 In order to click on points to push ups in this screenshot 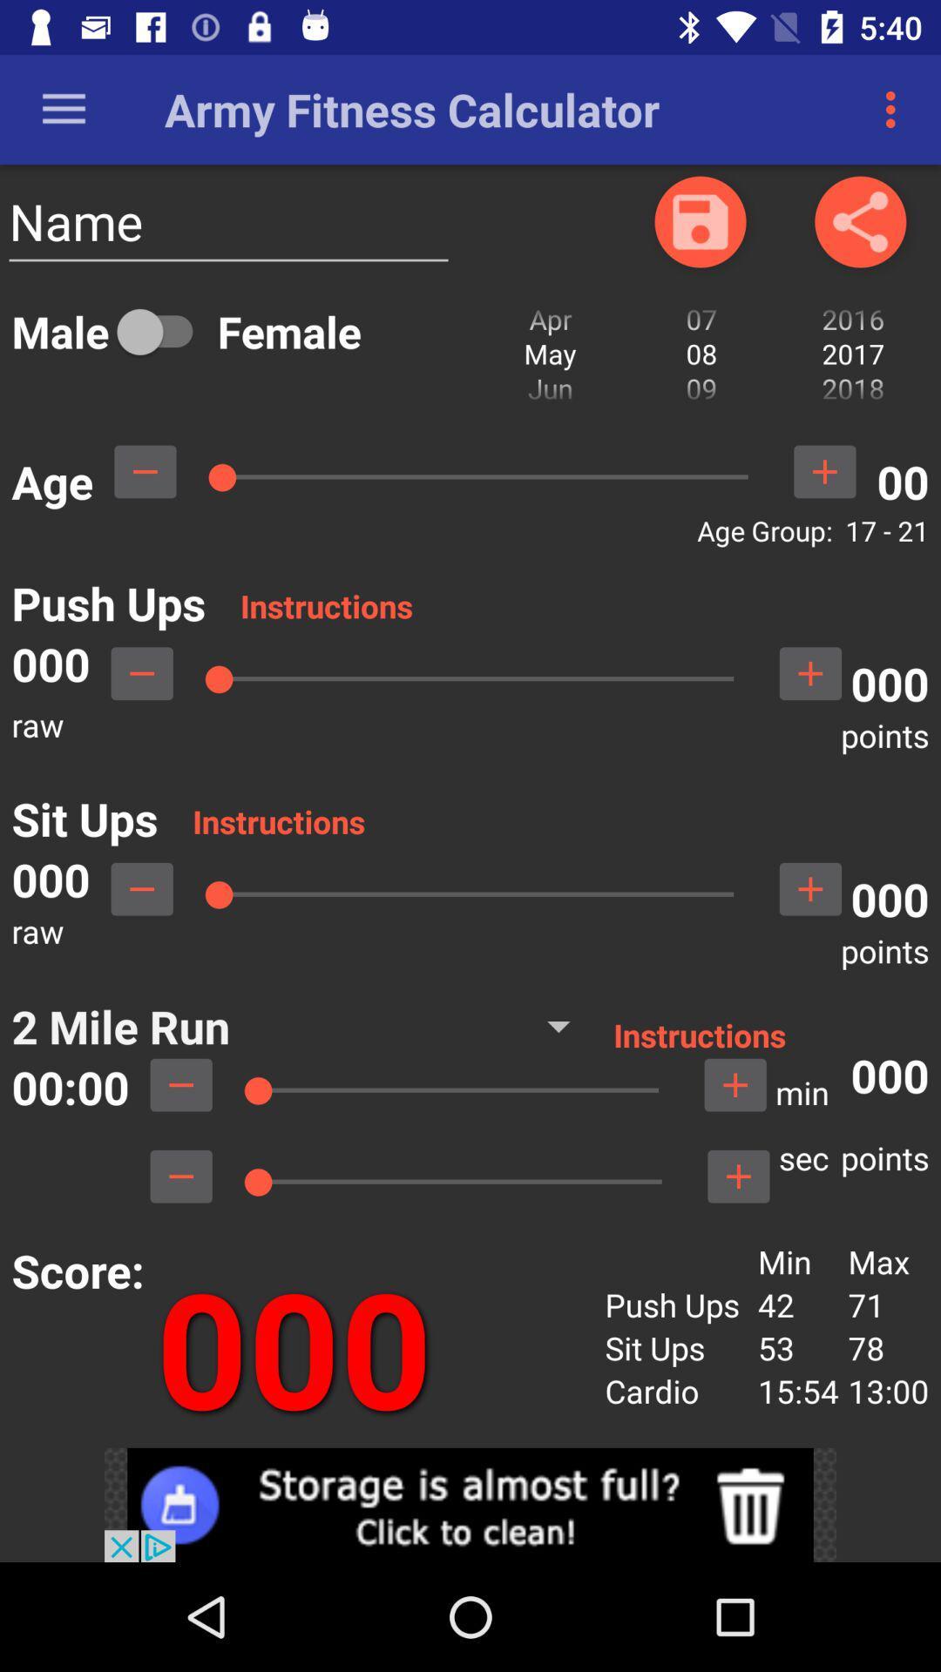, I will do `click(810, 672)`.